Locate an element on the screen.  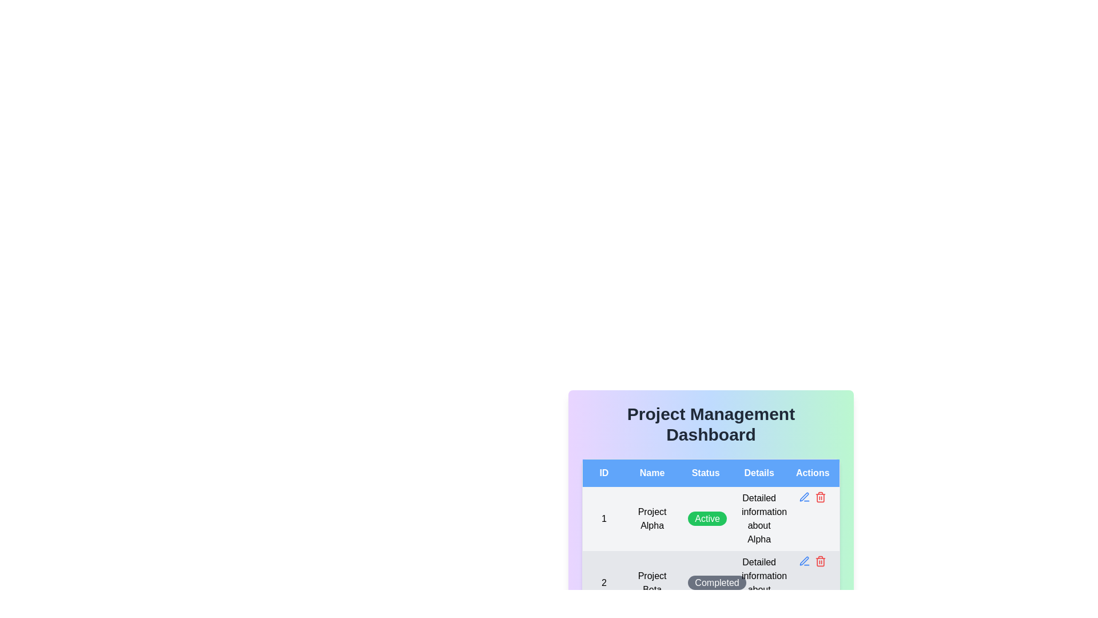
the data table element in the 'Project Management Dashboard' is located at coordinates (710, 537).